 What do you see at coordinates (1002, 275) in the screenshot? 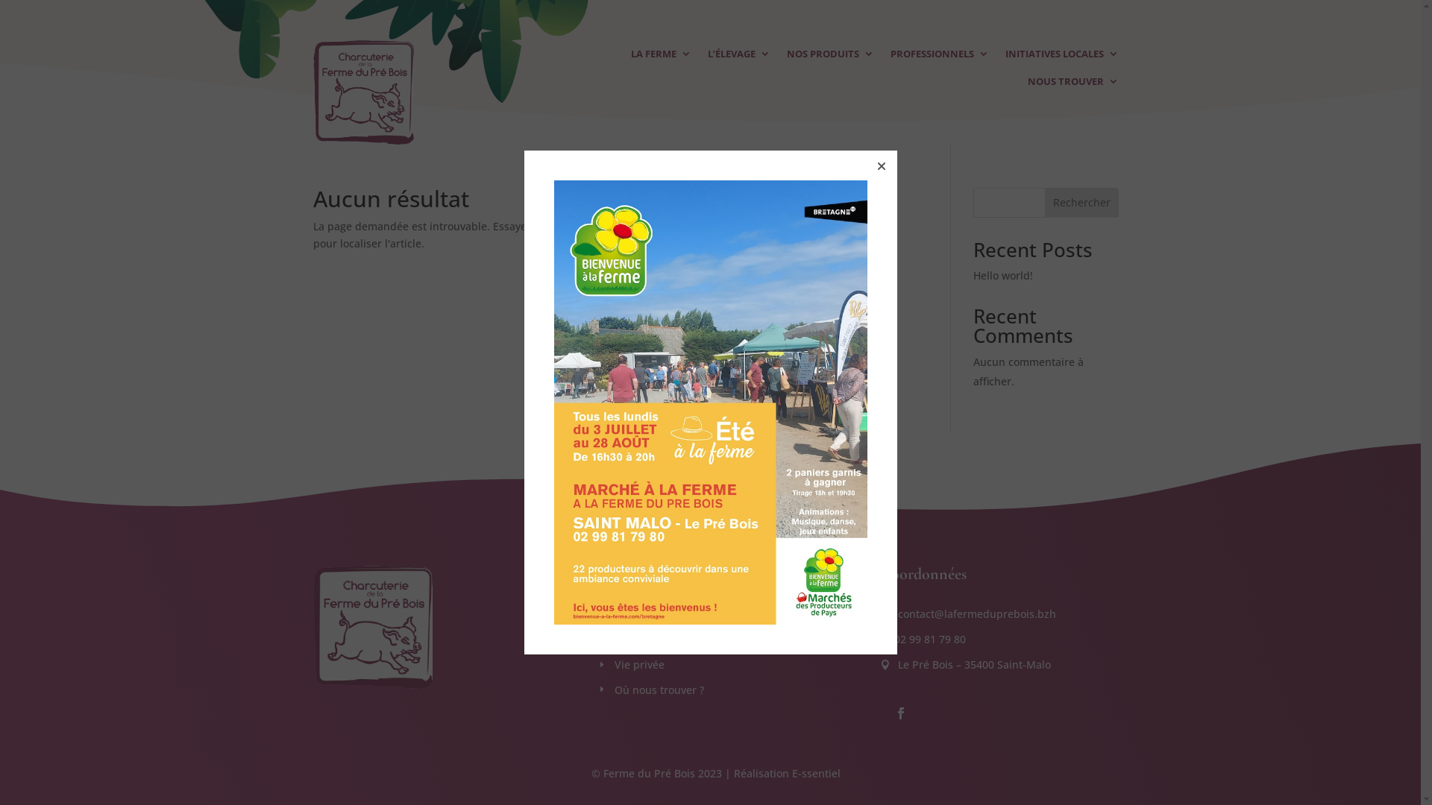
I see `'Hello world!'` at bounding box center [1002, 275].